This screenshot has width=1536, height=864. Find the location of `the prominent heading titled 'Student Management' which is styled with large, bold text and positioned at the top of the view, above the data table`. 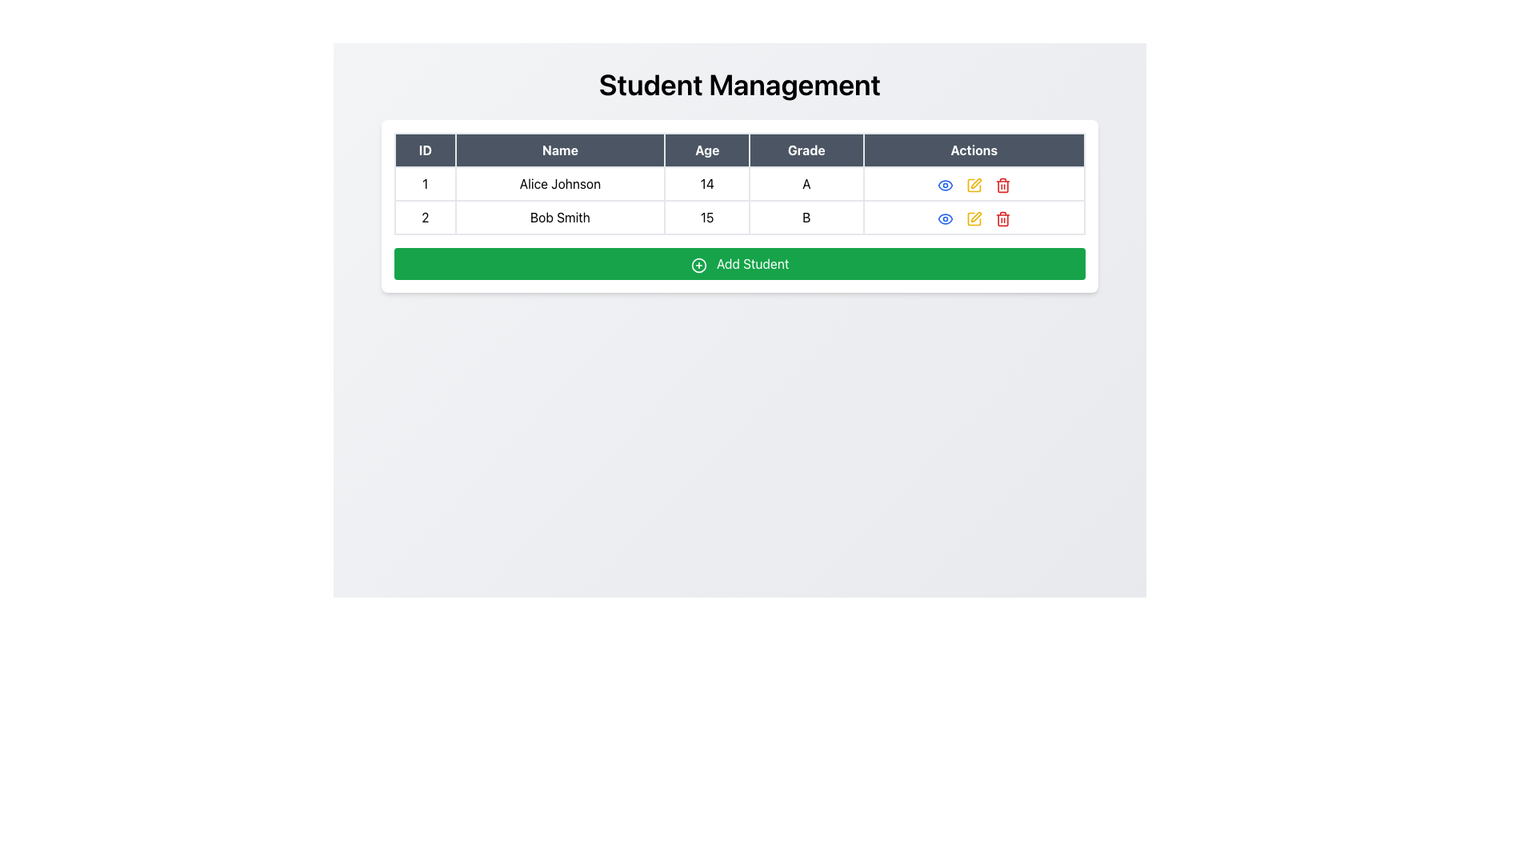

the prominent heading titled 'Student Management' which is styled with large, bold text and positioned at the top of the view, above the data table is located at coordinates (739, 84).